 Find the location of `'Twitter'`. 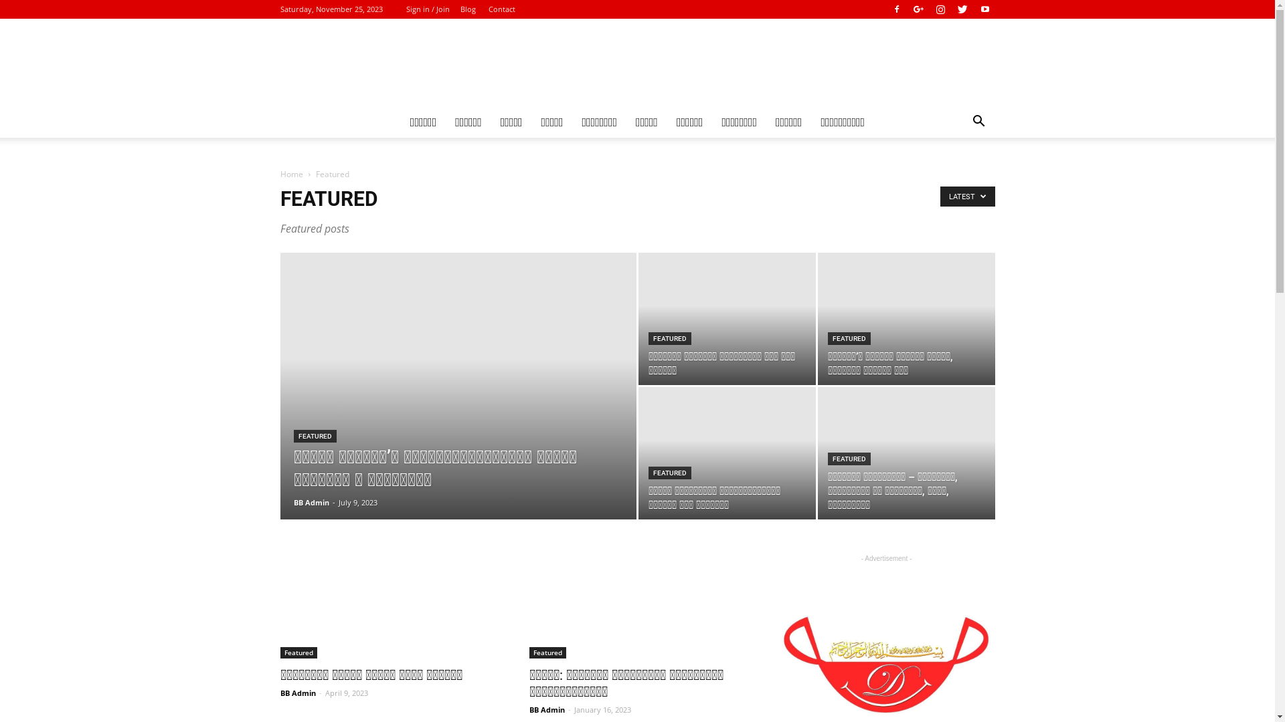

'Twitter' is located at coordinates (962, 9).